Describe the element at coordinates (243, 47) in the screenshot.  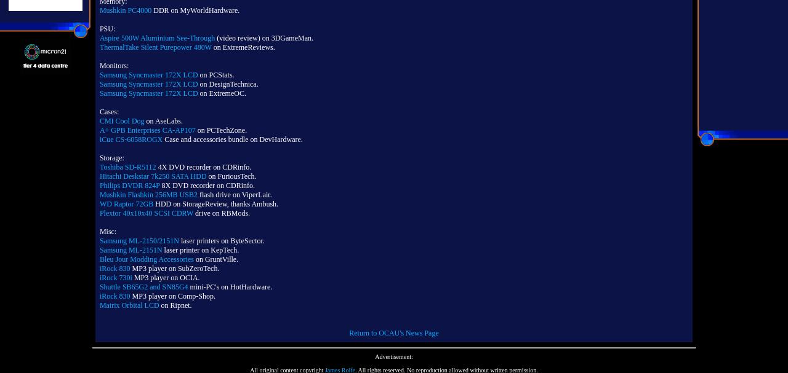
I see `'on ExtremeReviews.'` at that location.